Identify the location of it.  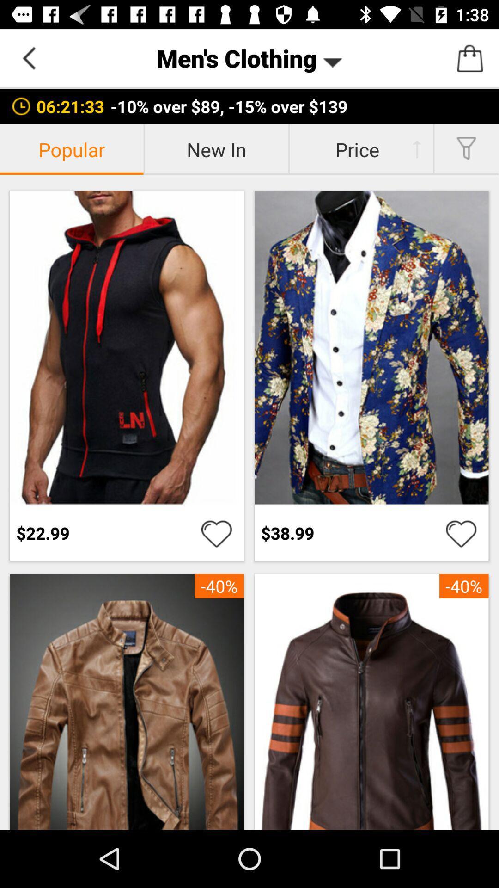
(216, 533).